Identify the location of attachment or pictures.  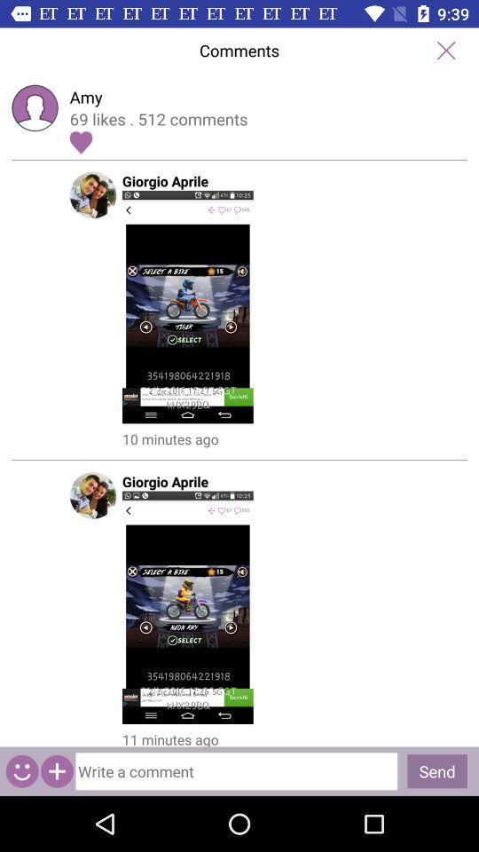
(57, 770).